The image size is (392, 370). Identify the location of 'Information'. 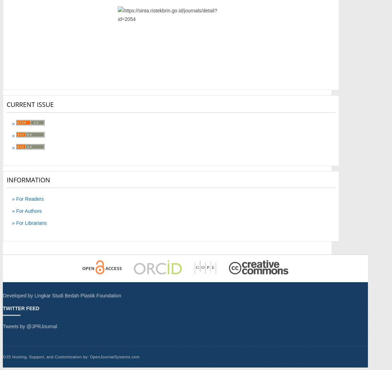
(28, 179).